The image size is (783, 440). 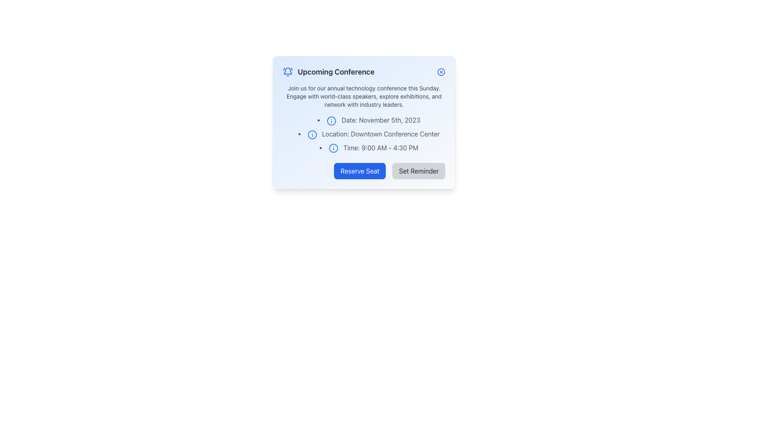 What do you see at coordinates (312, 134) in the screenshot?
I see `the information icon representing additional details about the 'Location' in the 'Upcoming Conference' details section, located to the left of the text 'Location: Downtown Conference Center'` at bounding box center [312, 134].